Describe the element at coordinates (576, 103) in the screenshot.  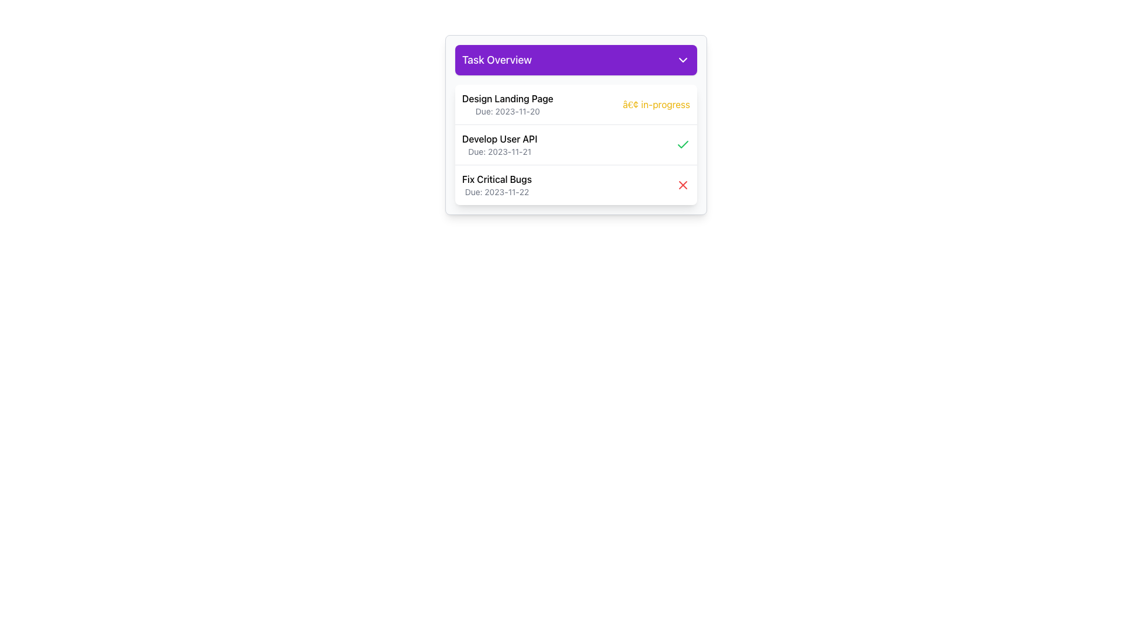
I see `the task summary item displaying the title 'Design Landing Page', which is the first item in the 'Task Overview' drop-down panel` at that location.